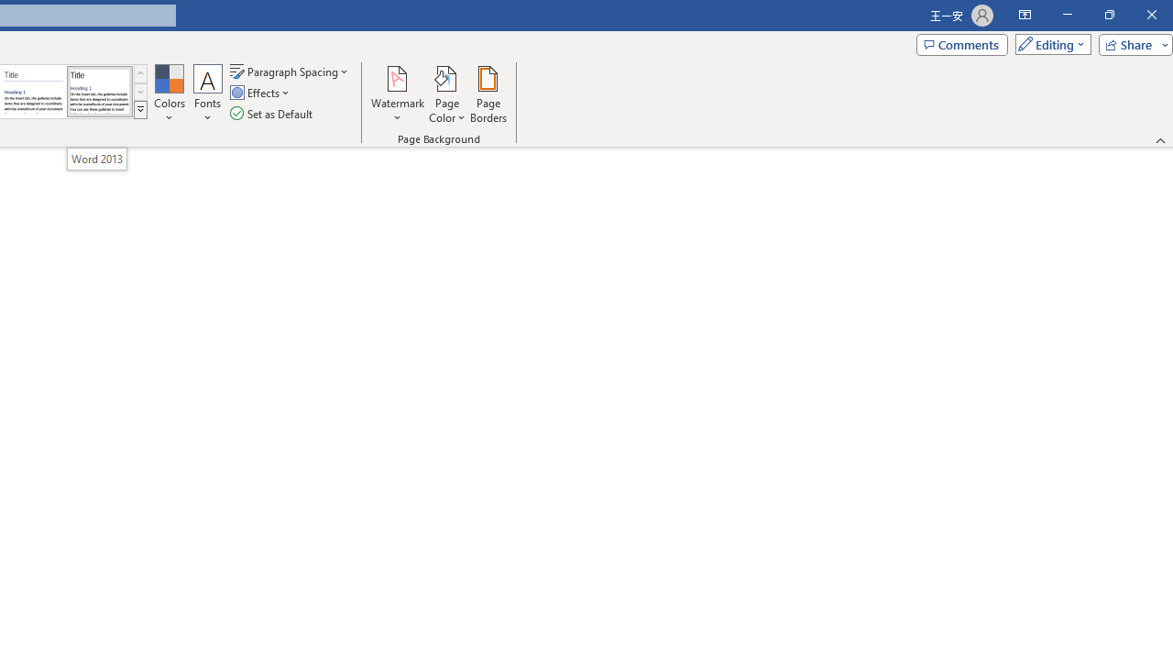 Image resolution: width=1173 pixels, height=660 pixels. I want to click on 'Page Borders...', so click(488, 94).